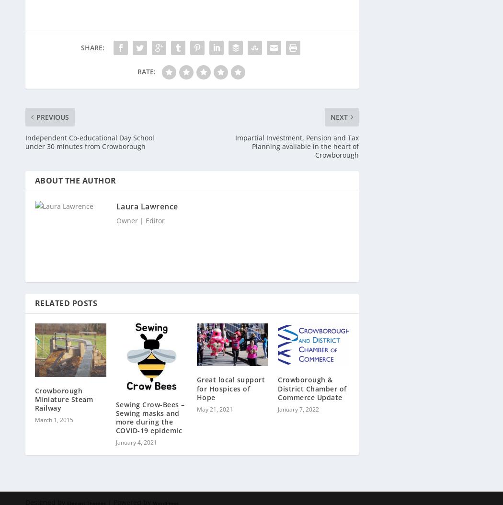  Describe the element at coordinates (311, 383) in the screenshot. I see `'Crowborough & District Chamber of Commerce Update'` at that location.